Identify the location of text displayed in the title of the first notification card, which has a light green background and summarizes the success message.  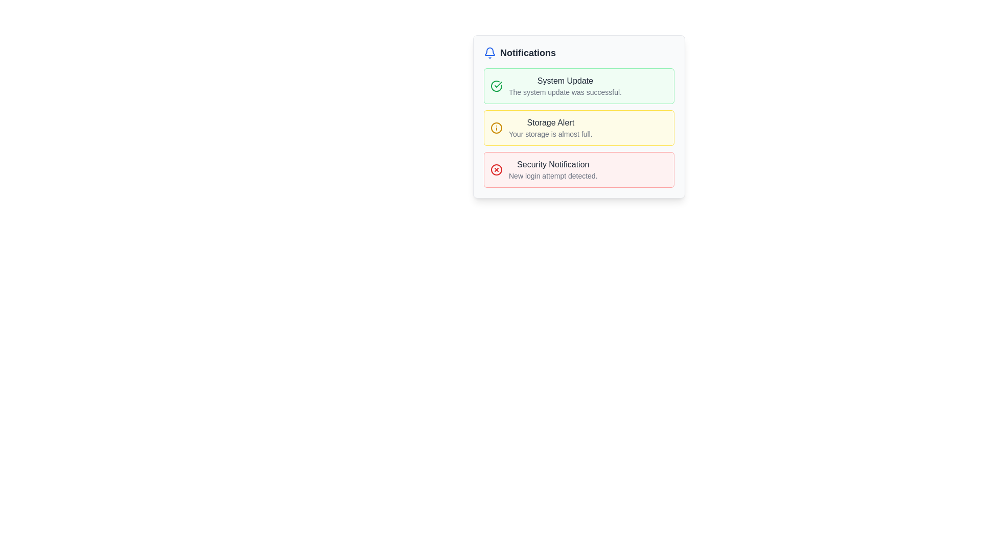
(565, 80).